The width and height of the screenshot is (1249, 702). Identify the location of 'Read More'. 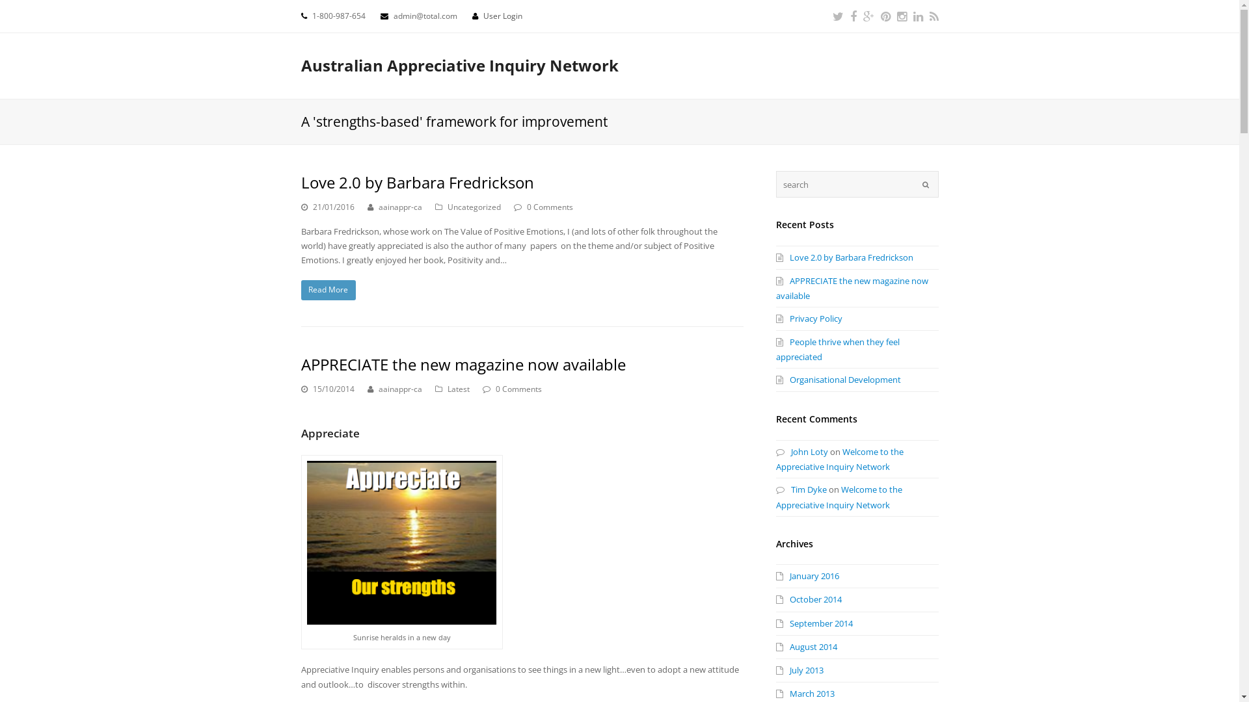
(328, 289).